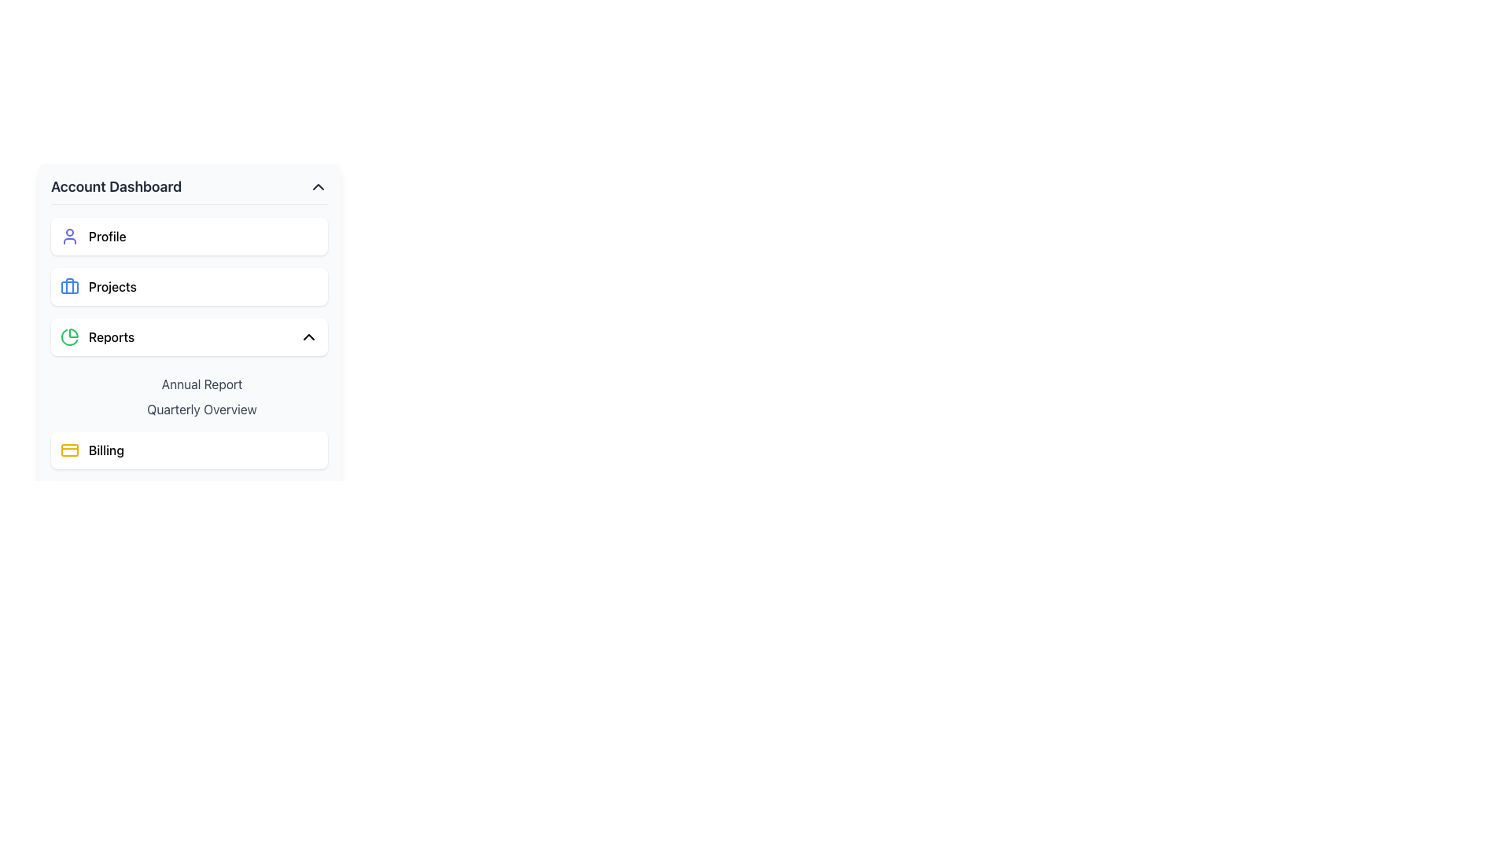  What do you see at coordinates (69, 288) in the screenshot?
I see `the small rounded rectangle graphical shape within the SVG element of the 'Projects' menu item` at bounding box center [69, 288].